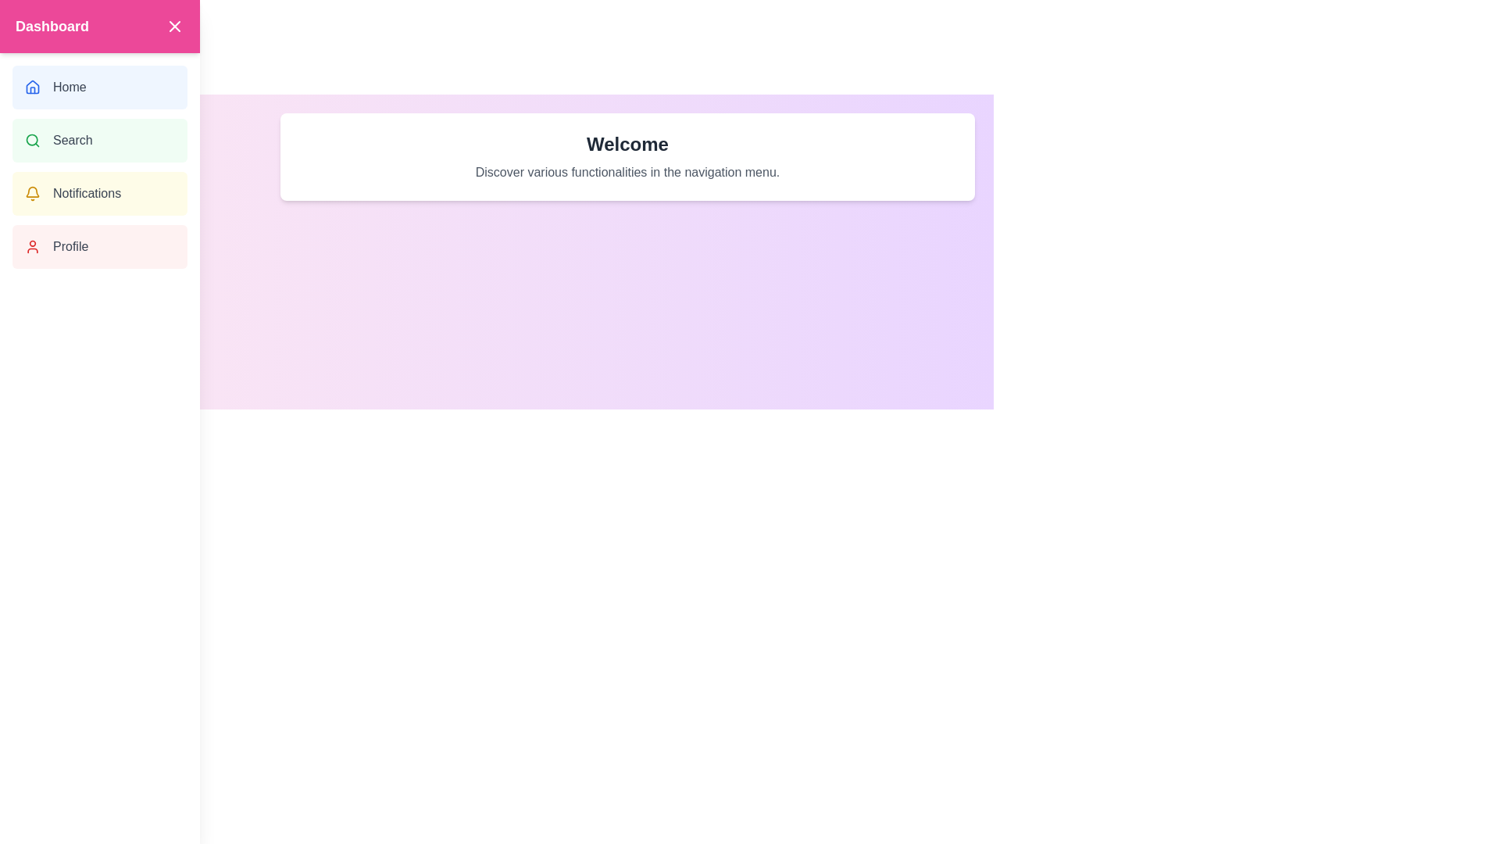  I want to click on the text label providing additional descriptive information located directly beneath the bold heading 'Welcome' in the card-like component, so click(627, 172).